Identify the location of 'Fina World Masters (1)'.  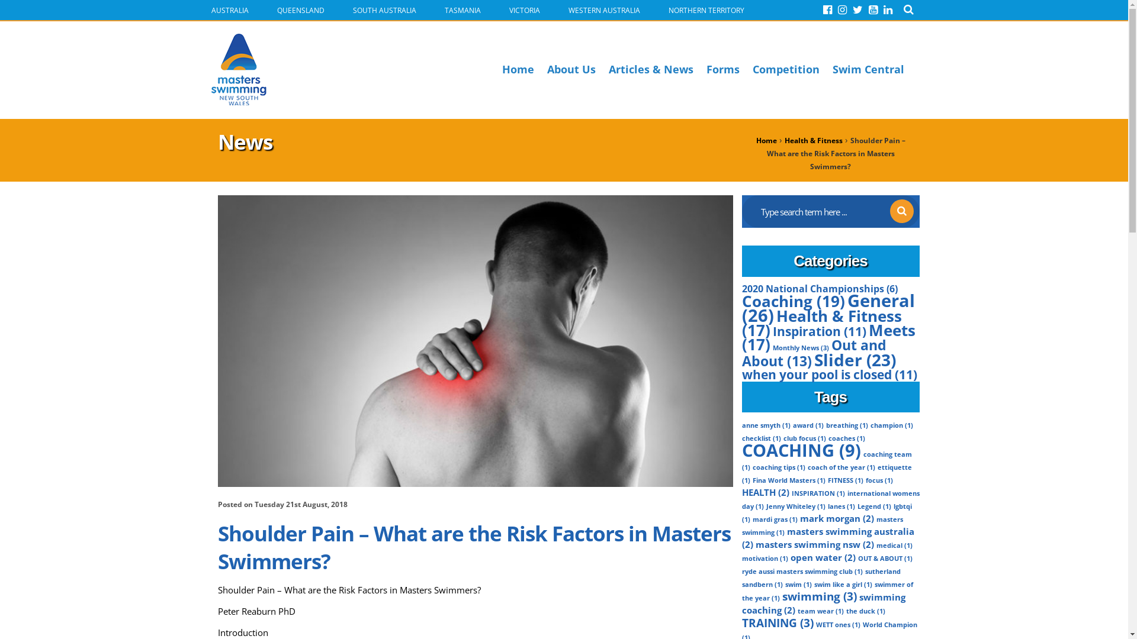
(788, 480).